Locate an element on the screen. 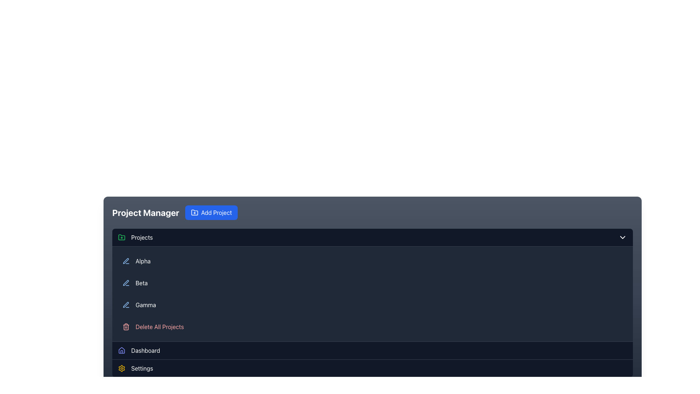 This screenshot has height=394, width=700. the indigo house-shaped icon located in the left-side navigation menu, positioned below the 'Delete All Projects' button and above the 'Settings' option is located at coordinates (122, 350).